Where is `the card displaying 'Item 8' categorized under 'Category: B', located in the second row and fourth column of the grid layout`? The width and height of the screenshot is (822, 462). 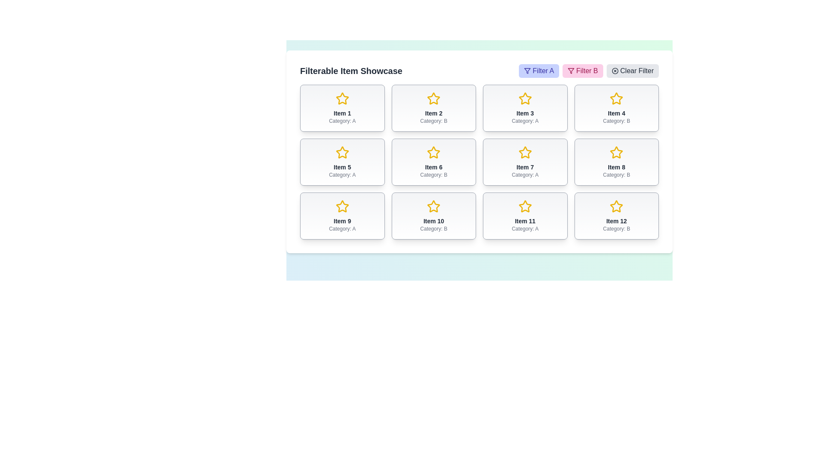 the card displaying 'Item 8' categorized under 'Category: B', located in the second row and fourth column of the grid layout is located at coordinates (616, 162).